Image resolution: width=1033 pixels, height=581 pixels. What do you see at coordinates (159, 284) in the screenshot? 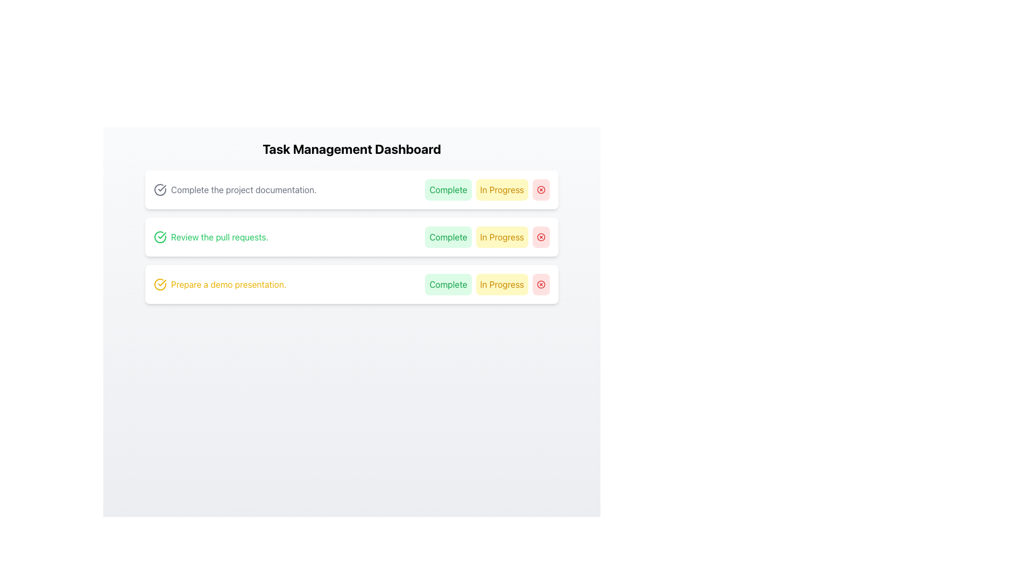
I see `the yellow circular icon with a checkmark at the center, located to the left of the text 'Prepare a demo presentation.'` at bounding box center [159, 284].